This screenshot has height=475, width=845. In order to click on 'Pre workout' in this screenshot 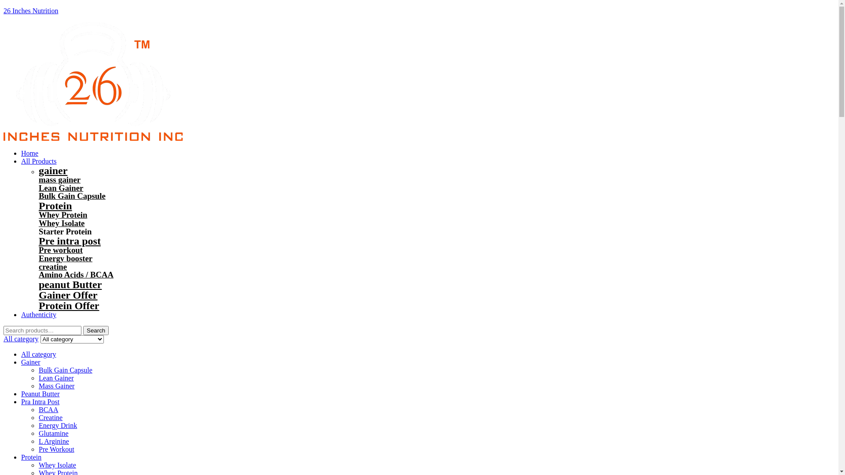, I will do `click(38, 250)`.